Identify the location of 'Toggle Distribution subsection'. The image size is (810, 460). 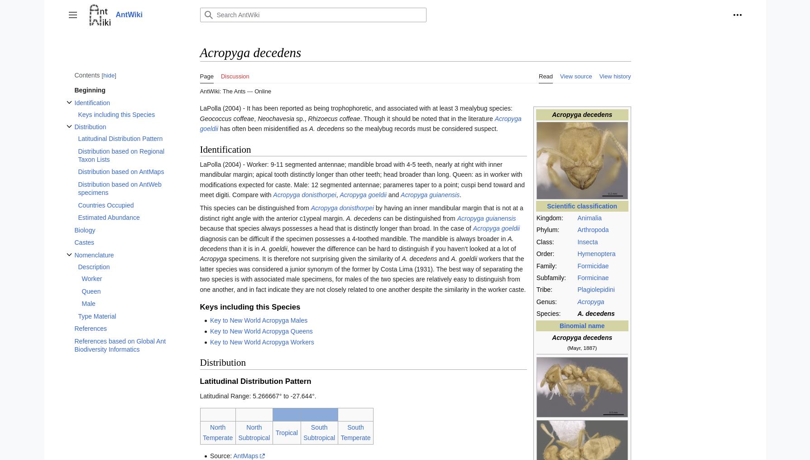
(100, 133).